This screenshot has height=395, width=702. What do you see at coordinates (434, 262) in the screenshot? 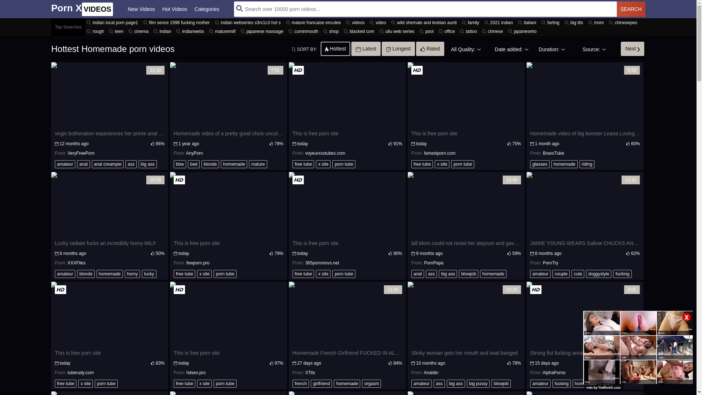
I see `'PornPapa'` at bounding box center [434, 262].